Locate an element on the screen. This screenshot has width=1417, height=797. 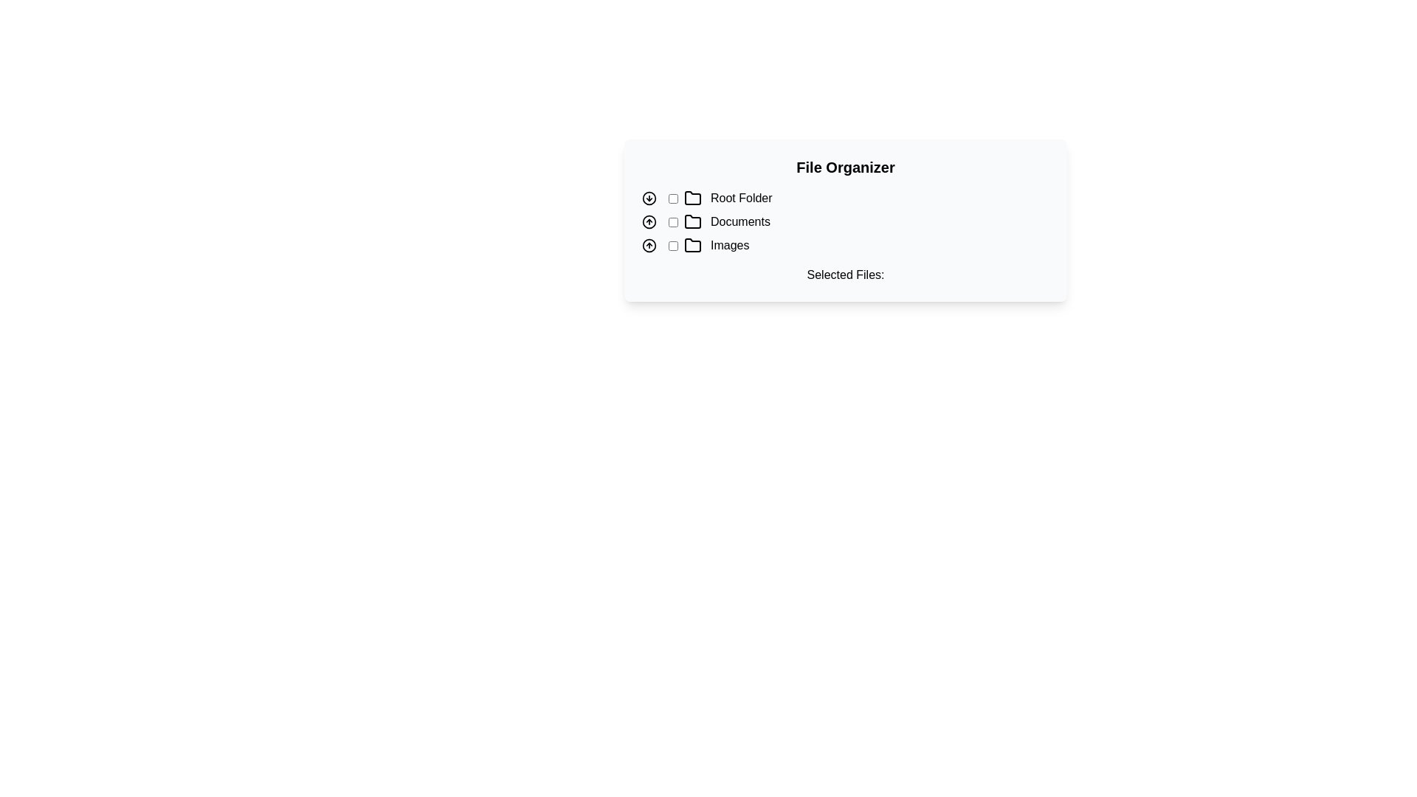
the checkbox for 'Documents' is located at coordinates (672, 221).